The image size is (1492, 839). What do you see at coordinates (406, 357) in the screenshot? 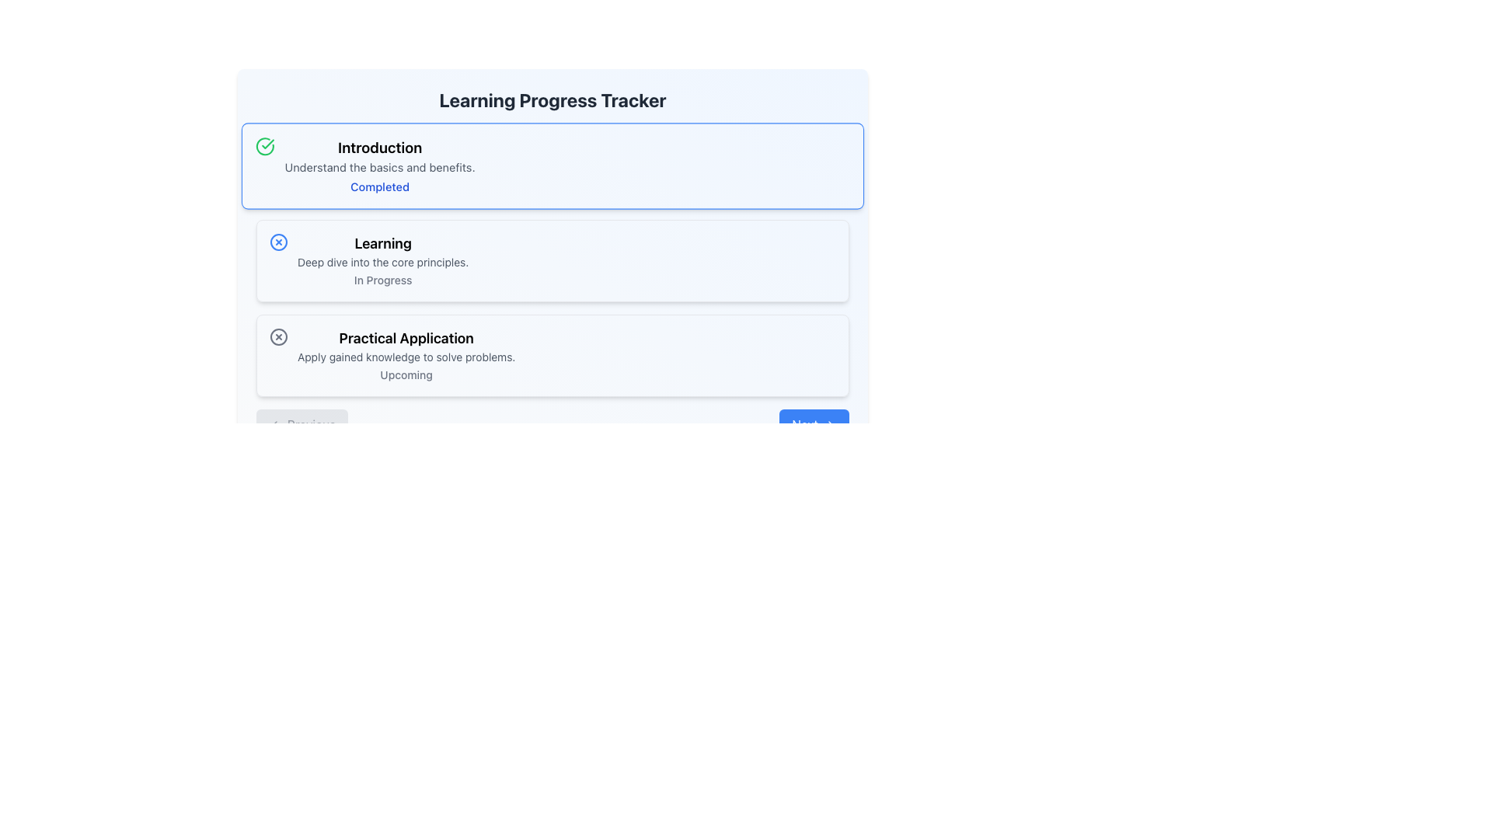
I see `the static text element that serves as a descriptive subtitle for the 'Practical Application' section, which is located immediately below the title and centered horizontally` at bounding box center [406, 357].